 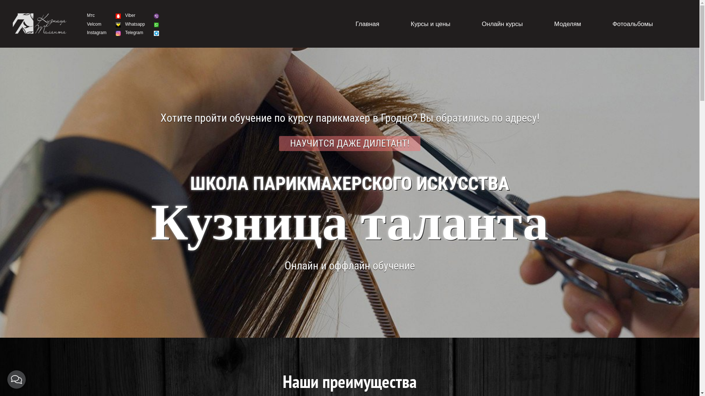 I want to click on 'Whatsapp', so click(x=135, y=23).